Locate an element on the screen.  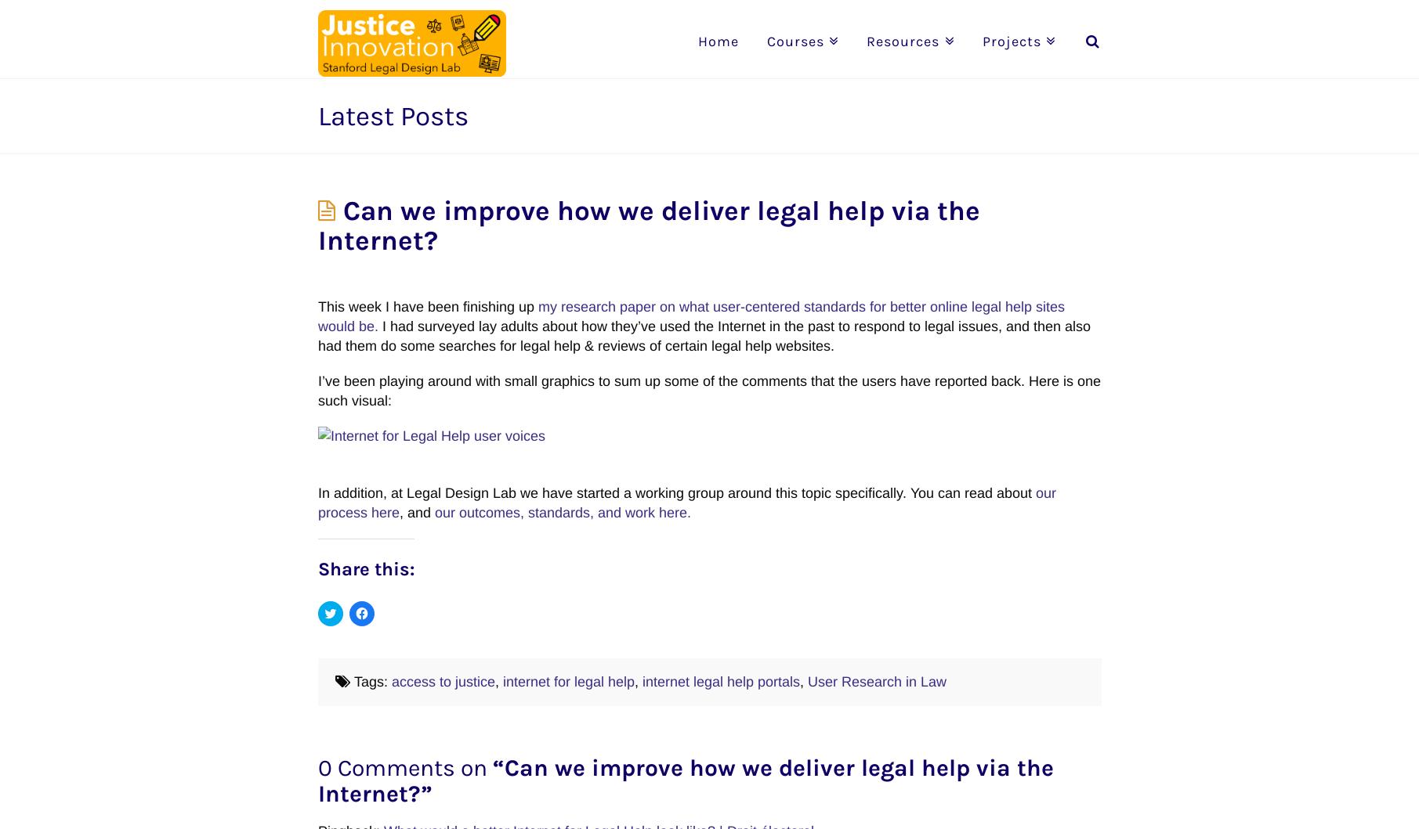
'our outcomes, standards, and work here.' is located at coordinates (561, 512).